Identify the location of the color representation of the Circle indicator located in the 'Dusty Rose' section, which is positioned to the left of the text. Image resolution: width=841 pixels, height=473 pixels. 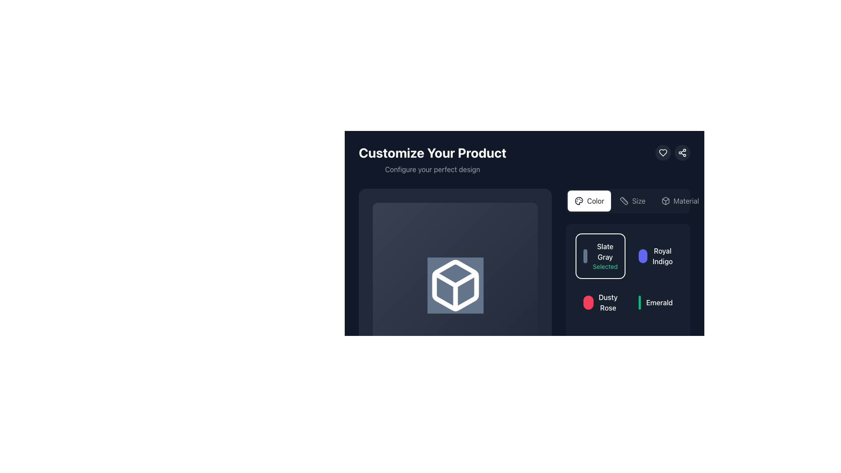
(588, 302).